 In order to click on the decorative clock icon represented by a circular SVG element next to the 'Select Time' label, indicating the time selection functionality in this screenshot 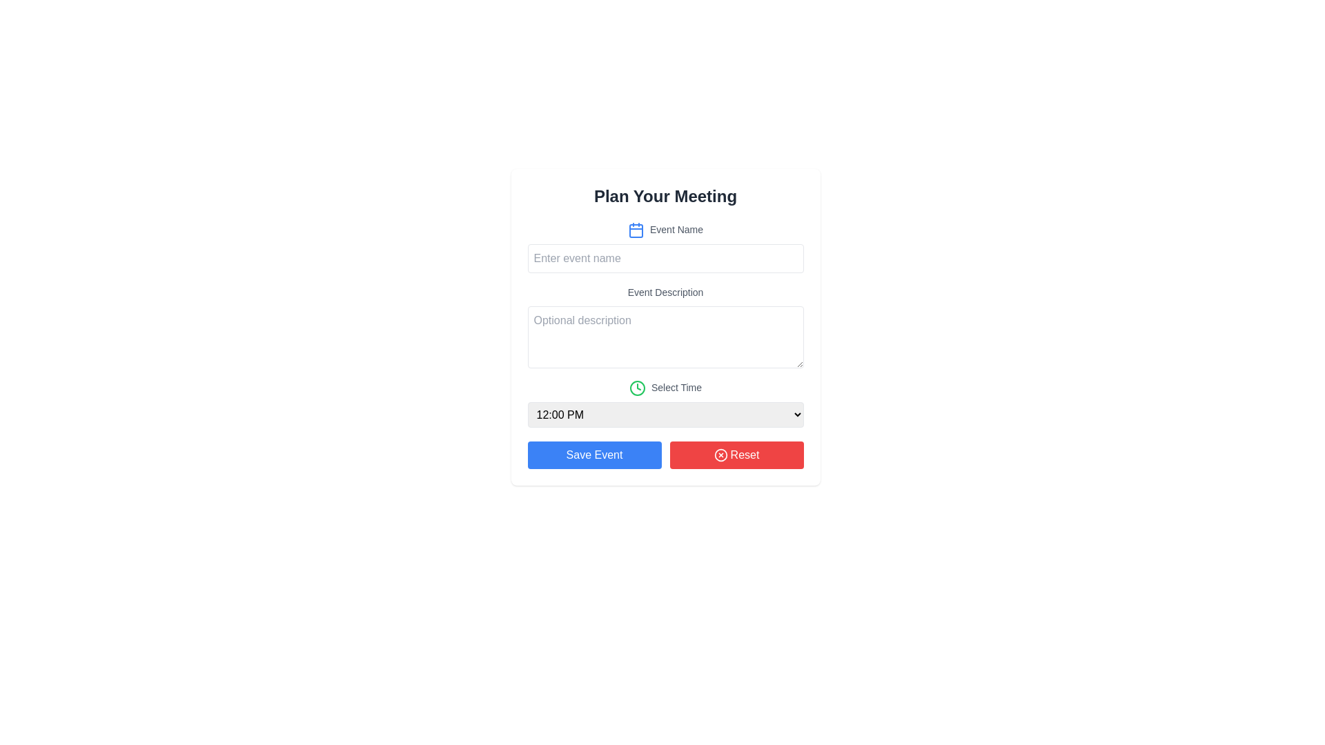, I will do `click(636, 388)`.